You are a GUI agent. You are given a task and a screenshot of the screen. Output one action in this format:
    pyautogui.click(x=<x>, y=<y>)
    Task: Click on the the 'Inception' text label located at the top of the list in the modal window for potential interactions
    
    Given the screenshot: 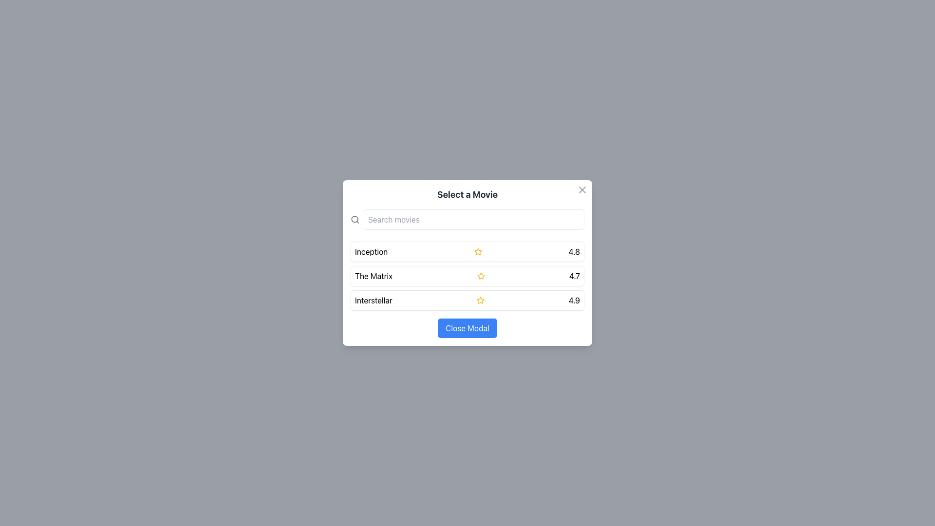 What is the action you would take?
    pyautogui.click(x=371, y=251)
    